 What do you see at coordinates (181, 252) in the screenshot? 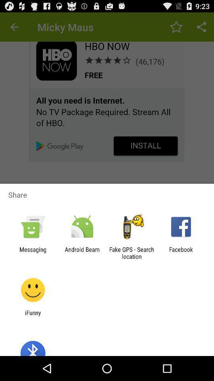
I see `facebook` at bounding box center [181, 252].